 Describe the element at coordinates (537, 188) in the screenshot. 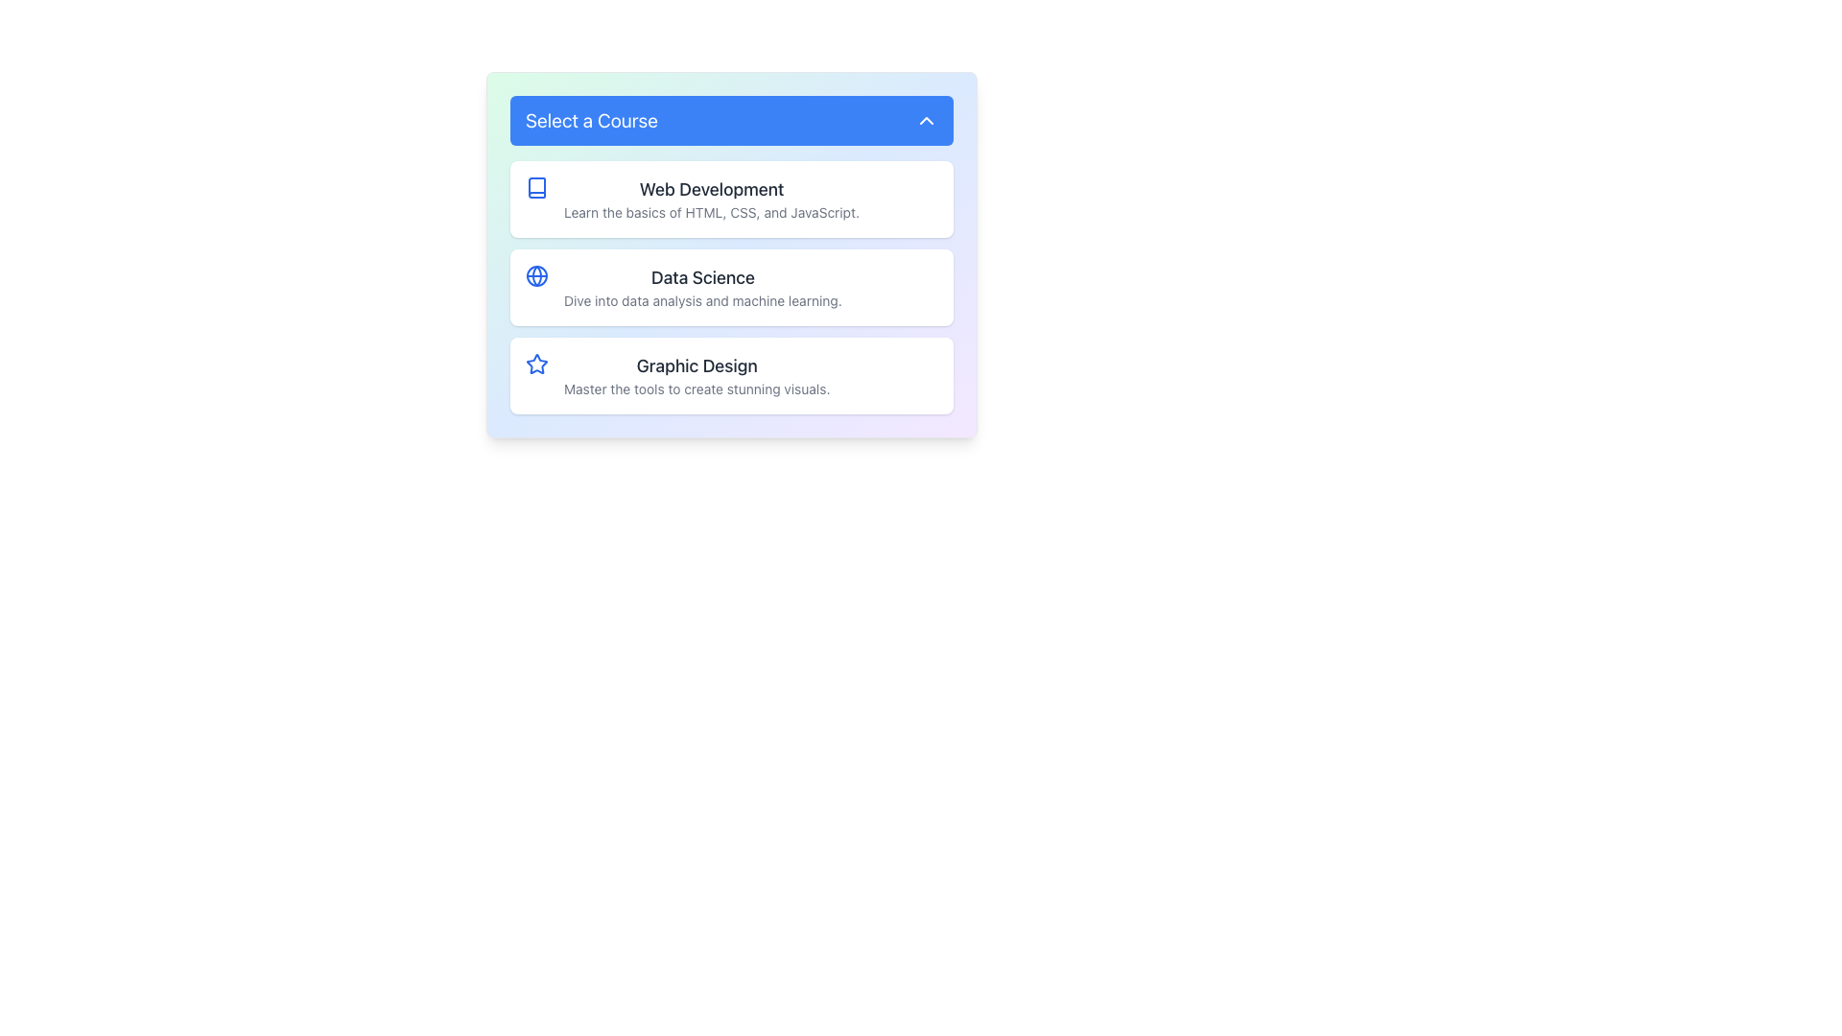

I see `the Web Development course icon, which is visually associated with digital learning and coding resources, located in the first row of the course list` at that location.